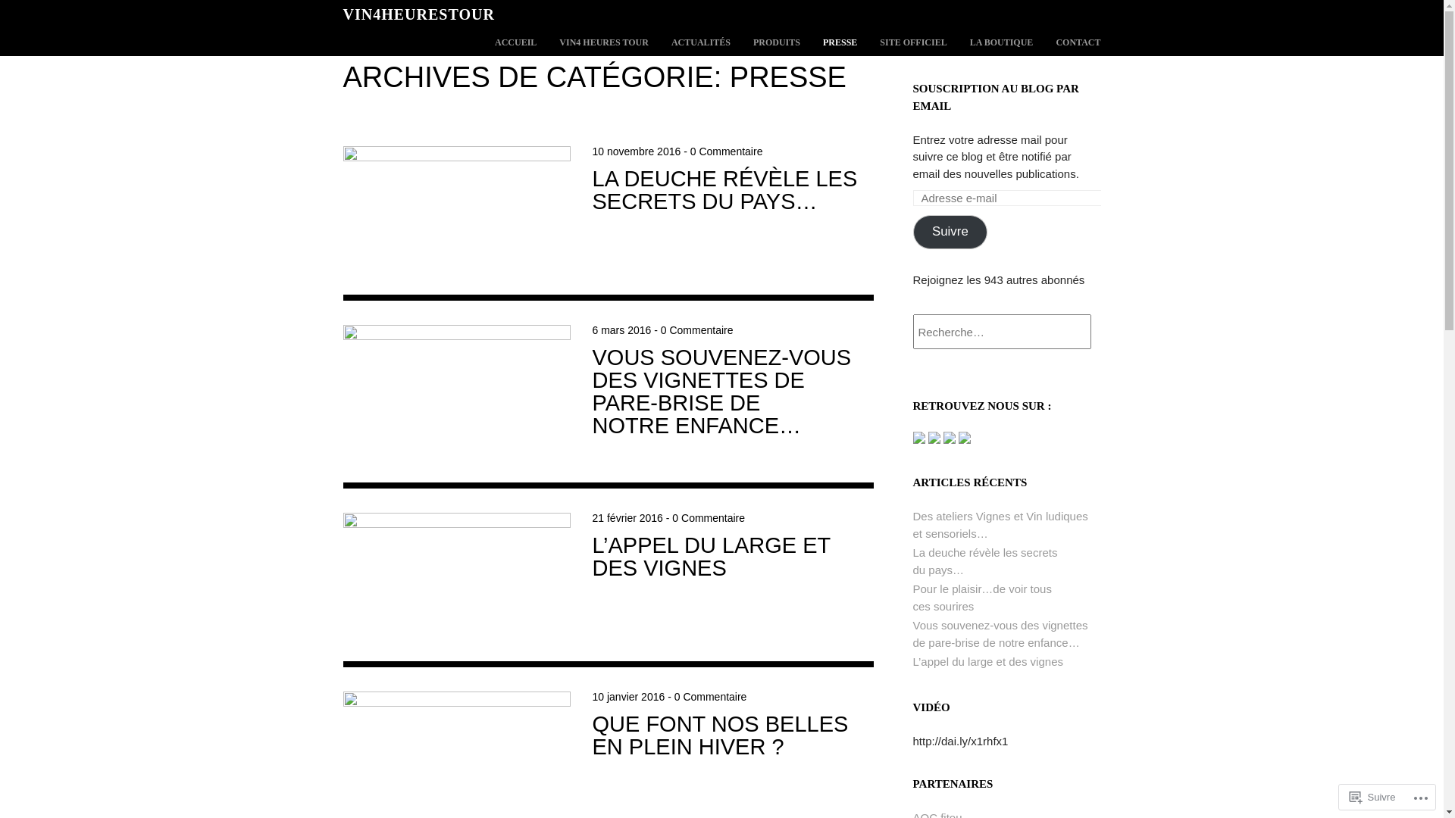  I want to click on 'VIN4 HEURES TOUR', so click(602, 42).